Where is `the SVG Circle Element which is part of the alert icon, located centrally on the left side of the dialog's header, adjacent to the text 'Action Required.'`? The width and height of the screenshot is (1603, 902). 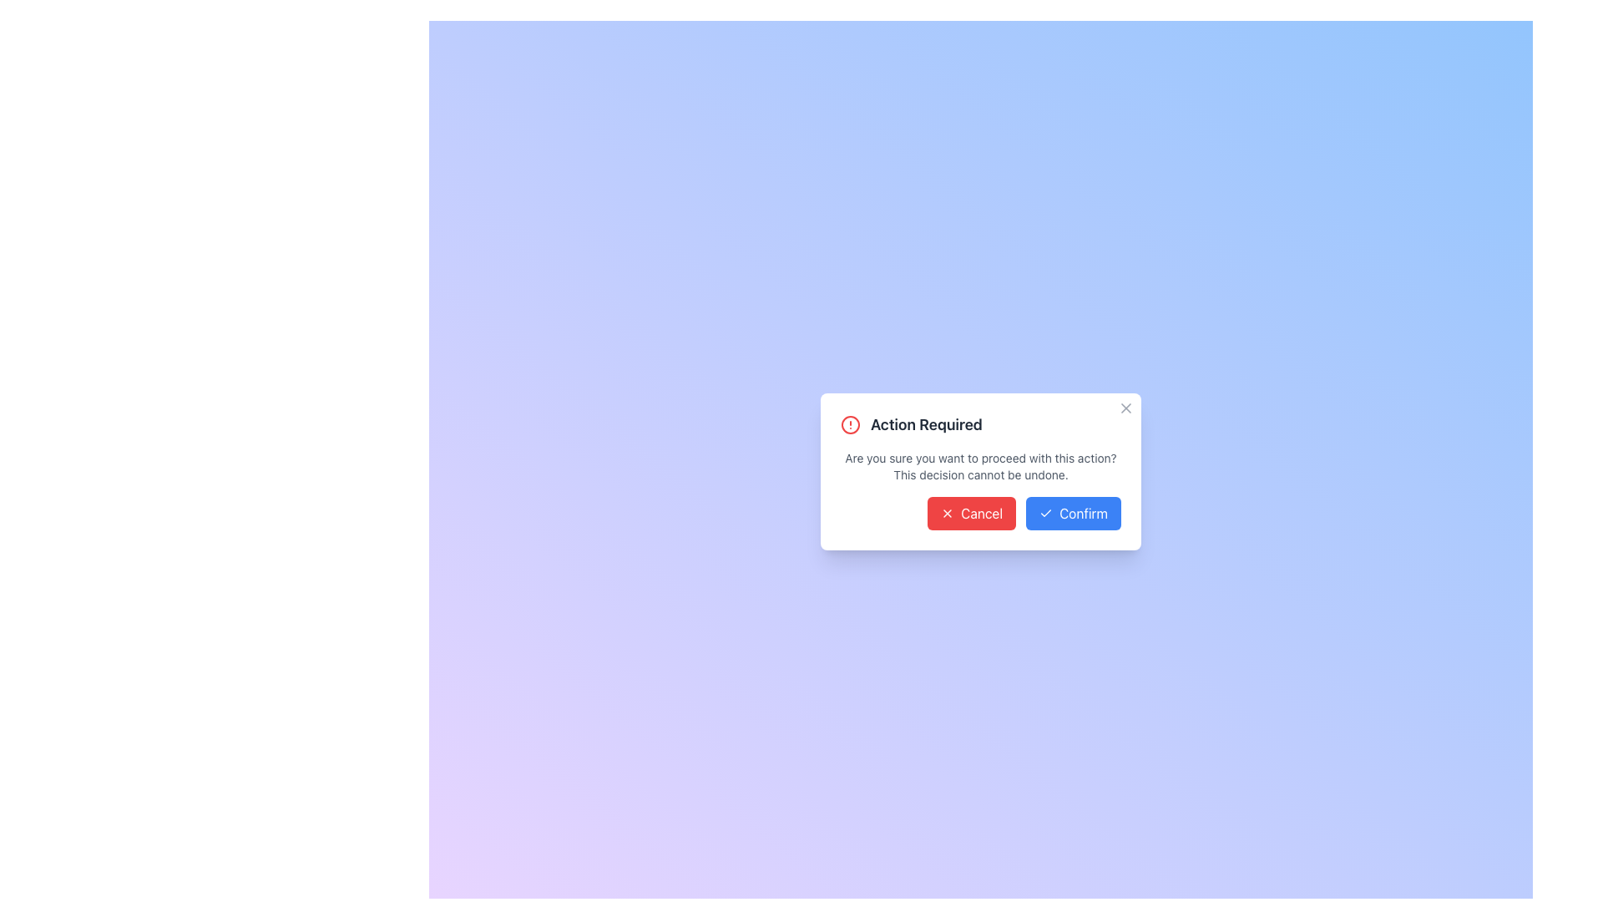 the SVG Circle Element which is part of the alert icon, located centrally on the left side of the dialog's header, adjacent to the text 'Action Required.' is located at coordinates (850, 424).